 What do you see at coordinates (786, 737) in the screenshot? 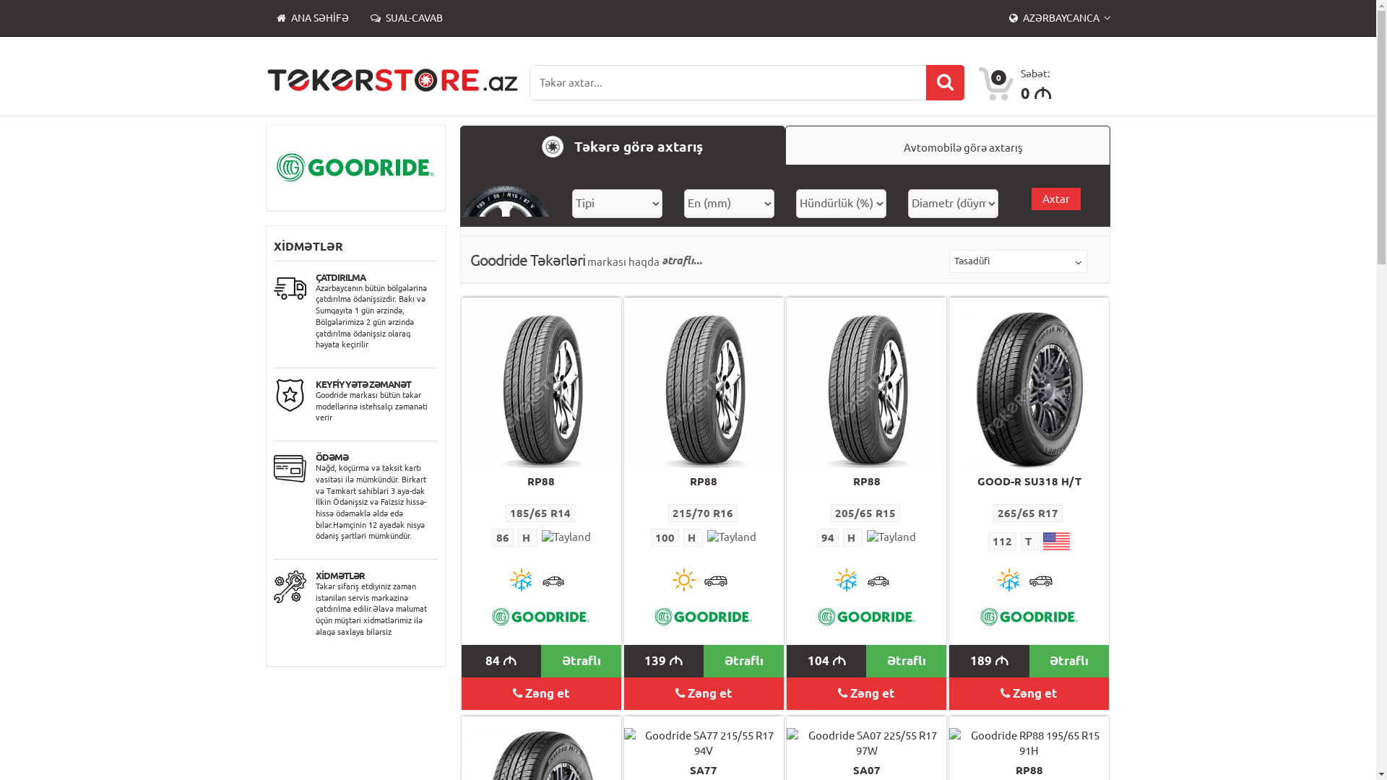
I see `'Goodride SA07 225/55 R17 97W'` at bounding box center [786, 737].